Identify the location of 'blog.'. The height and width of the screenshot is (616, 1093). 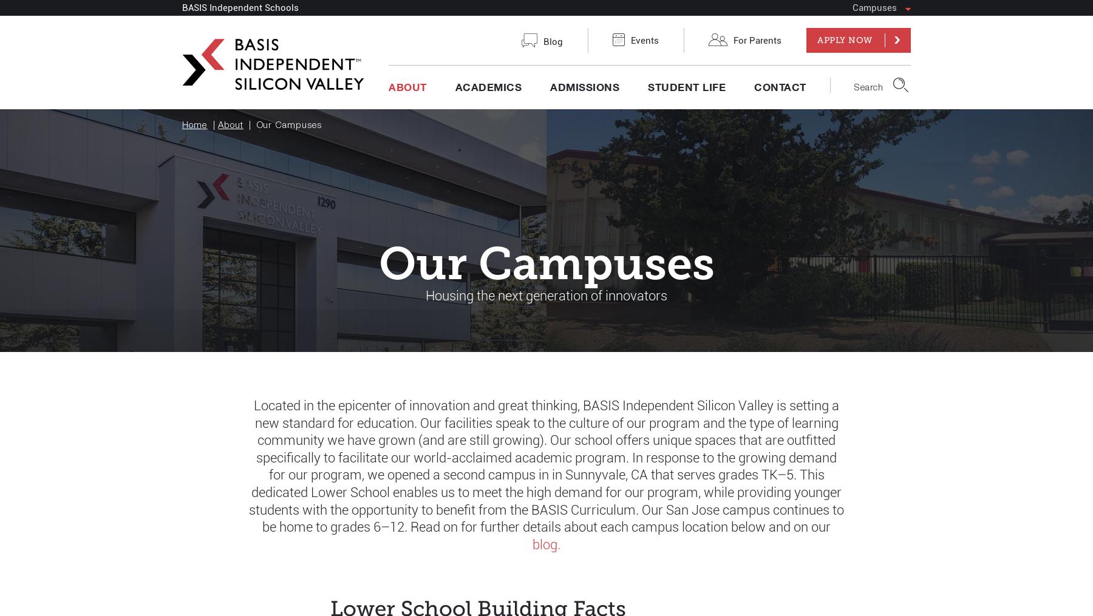
(546, 543).